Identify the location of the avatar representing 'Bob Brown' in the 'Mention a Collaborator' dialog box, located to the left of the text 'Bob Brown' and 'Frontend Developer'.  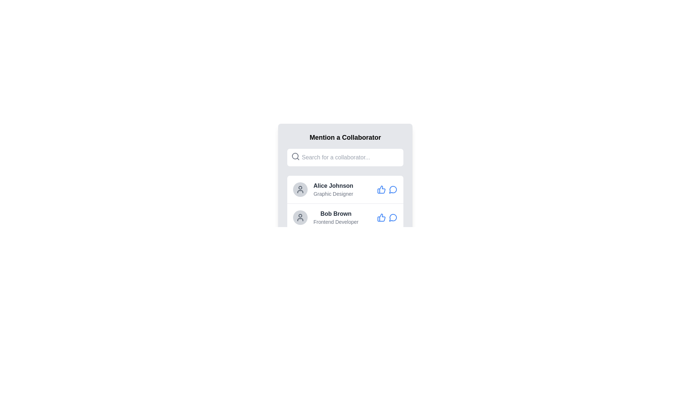
(300, 217).